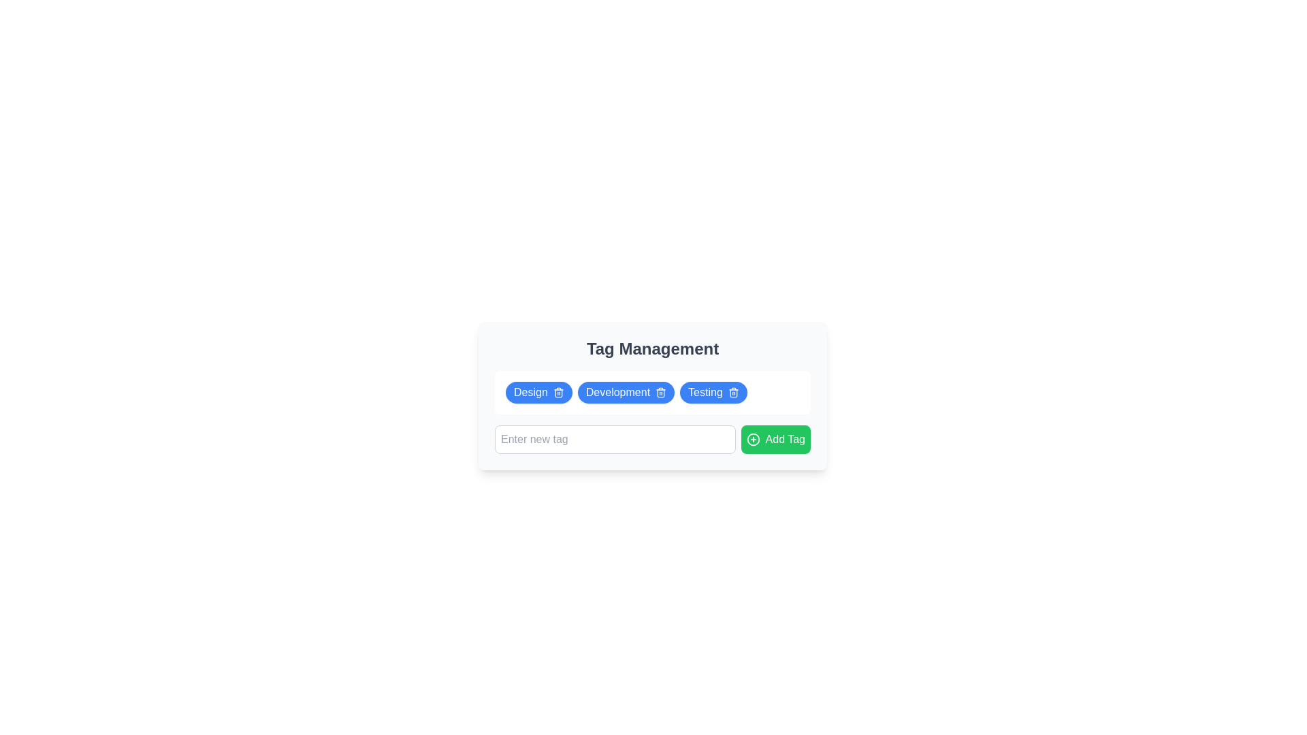 This screenshot has width=1307, height=735. What do you see at coordinates (558, 393) in the screenshot?
I see `the second rectangle of the trash bin icon, which has a curved bottom` at bounding box center [558, 393].